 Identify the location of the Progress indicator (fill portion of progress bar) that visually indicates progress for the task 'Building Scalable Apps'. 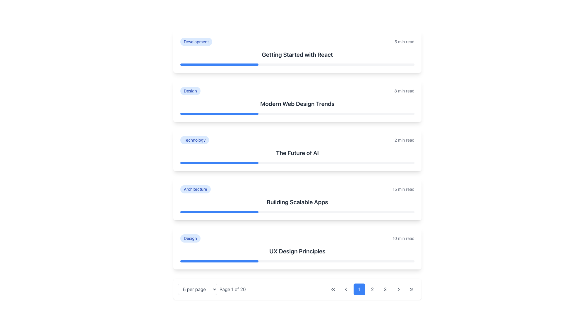
(219, 212).